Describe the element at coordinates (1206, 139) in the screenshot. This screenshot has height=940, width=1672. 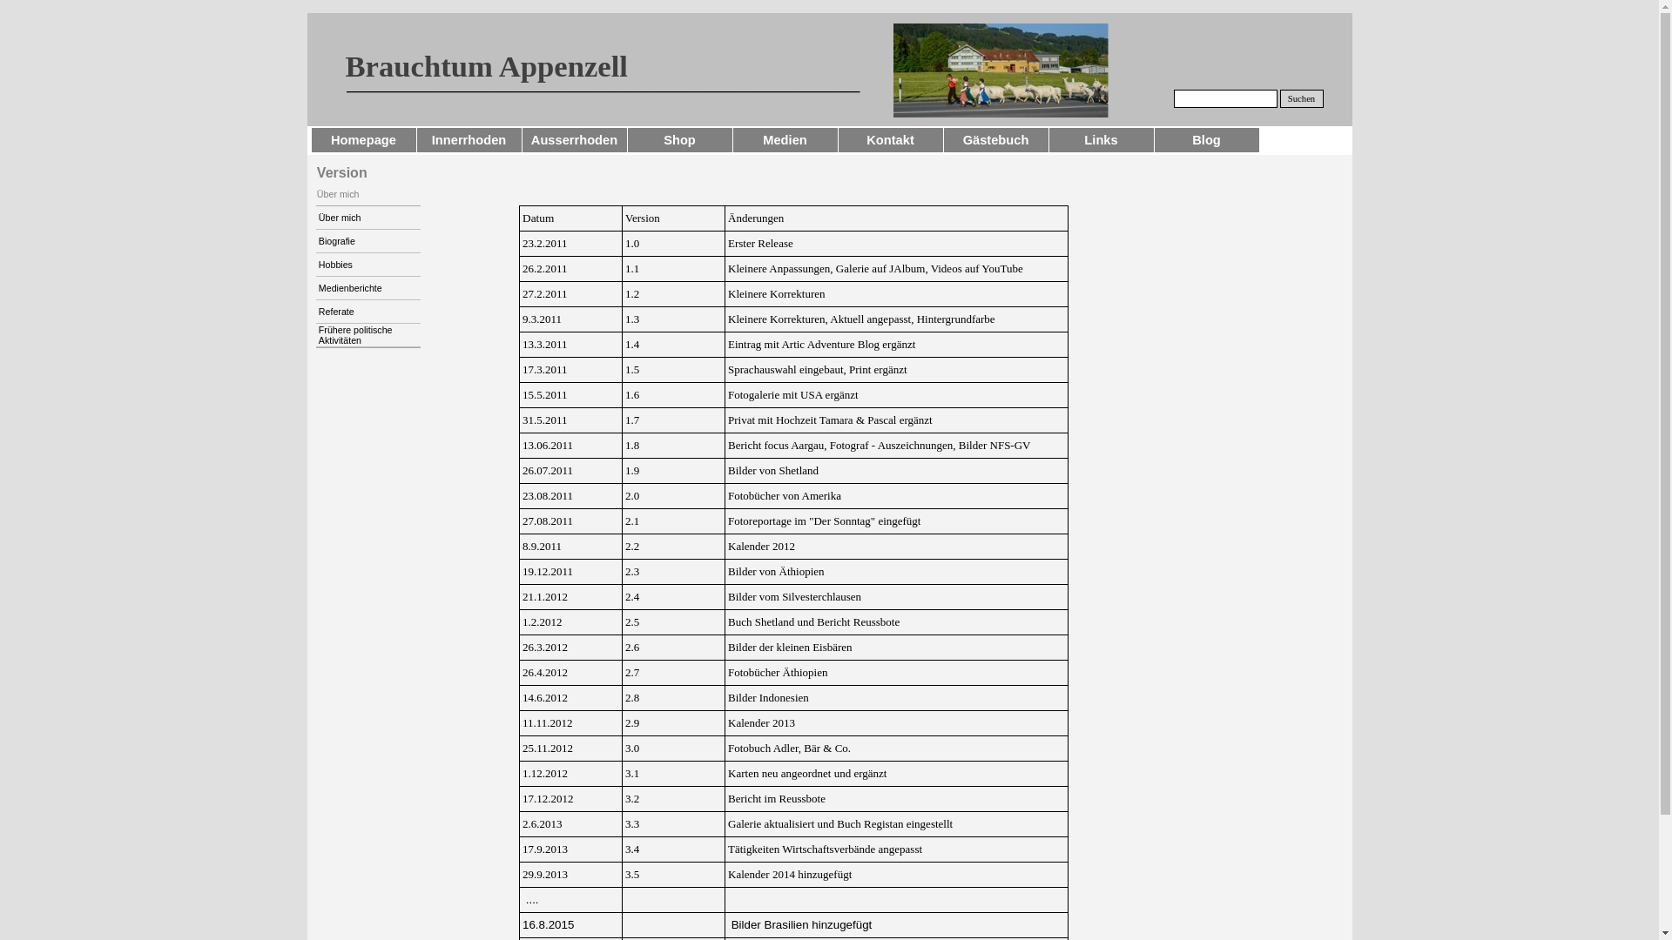
I see `'Blog'` at that location.